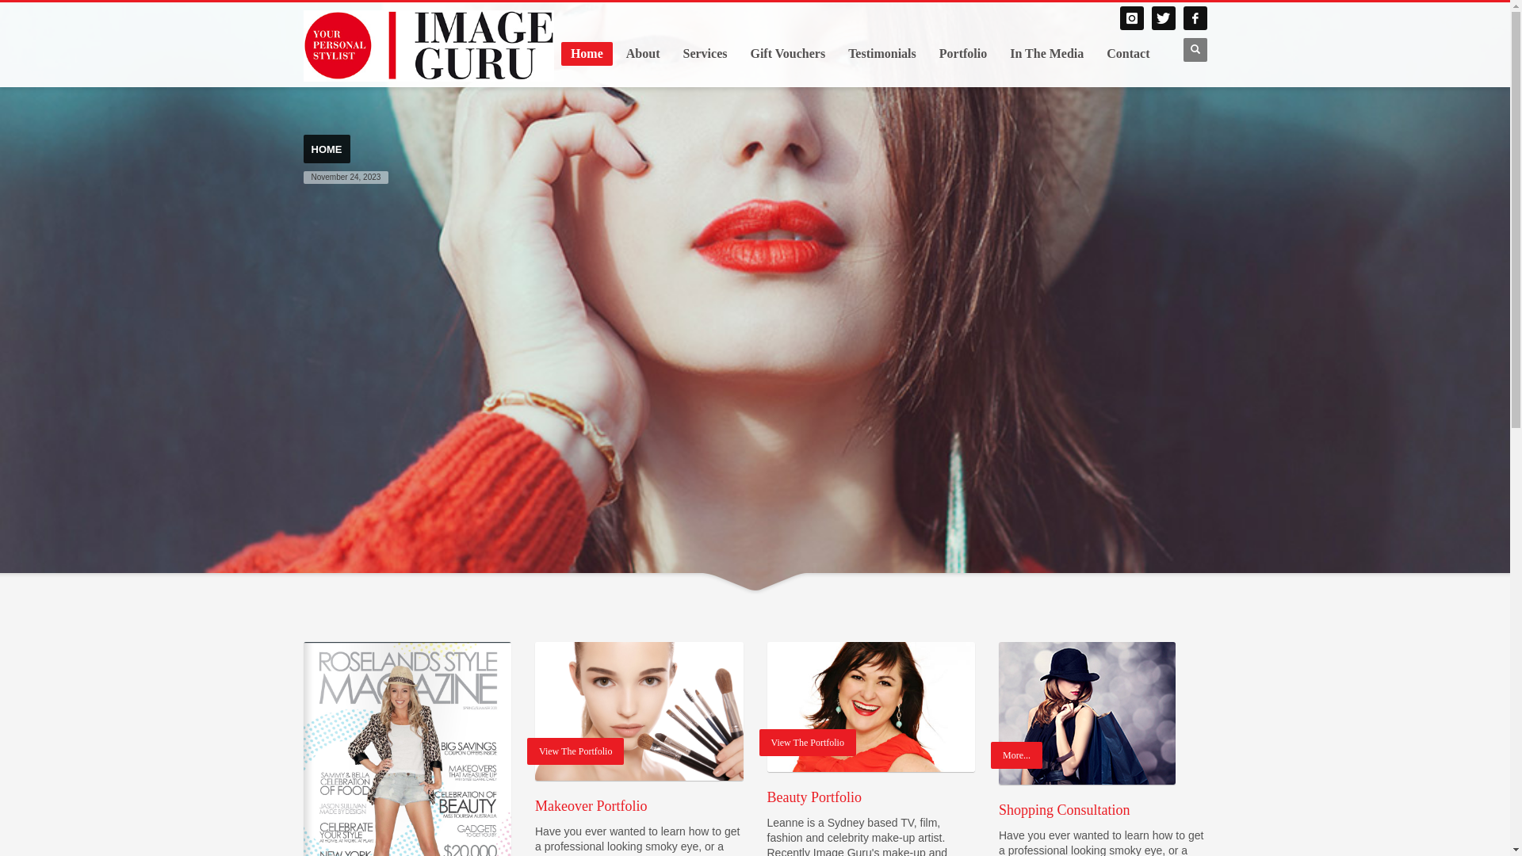  Describe the element at coordinates (1096, 53) in the screenshot. I see `'Contact'` at that location.